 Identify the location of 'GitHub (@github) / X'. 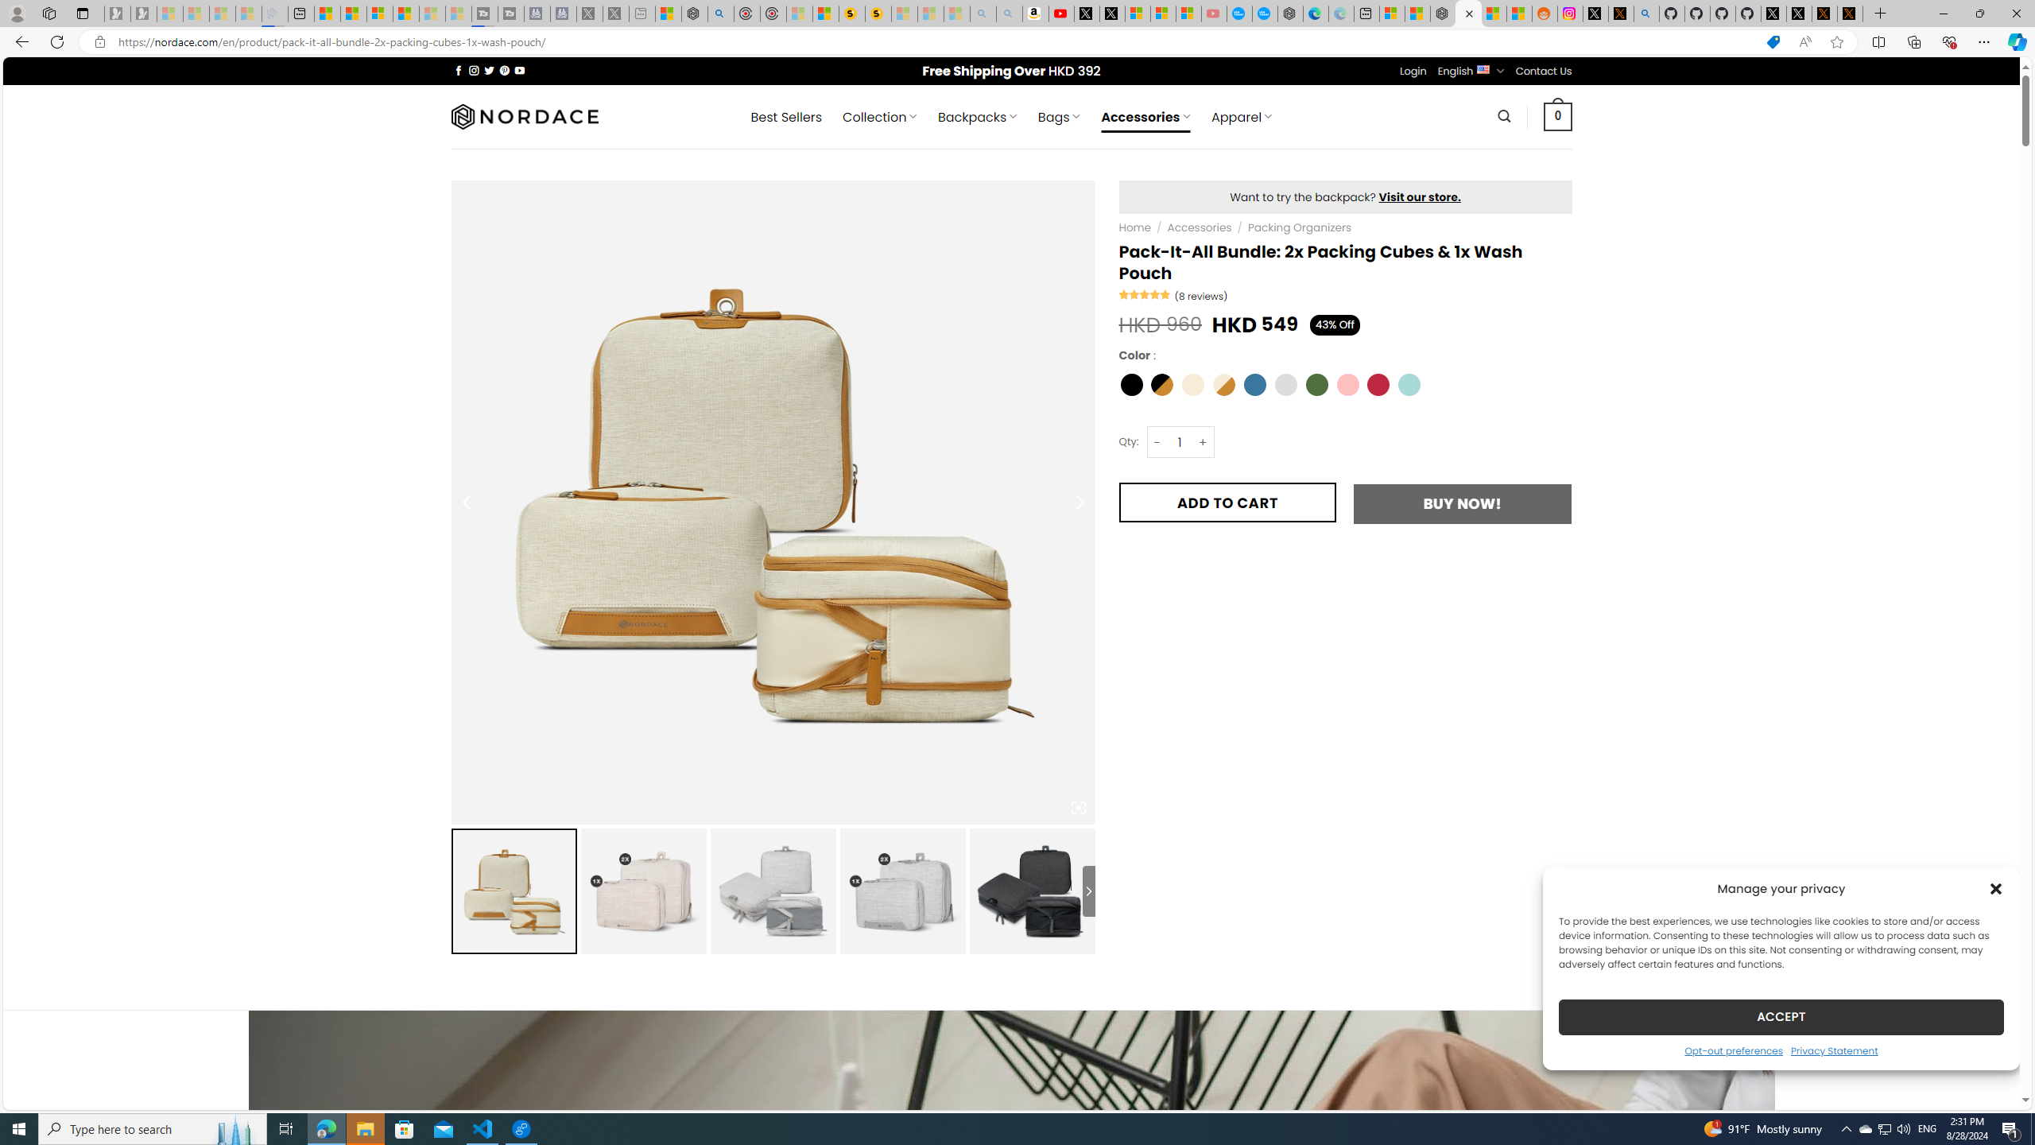
(1799, 13).